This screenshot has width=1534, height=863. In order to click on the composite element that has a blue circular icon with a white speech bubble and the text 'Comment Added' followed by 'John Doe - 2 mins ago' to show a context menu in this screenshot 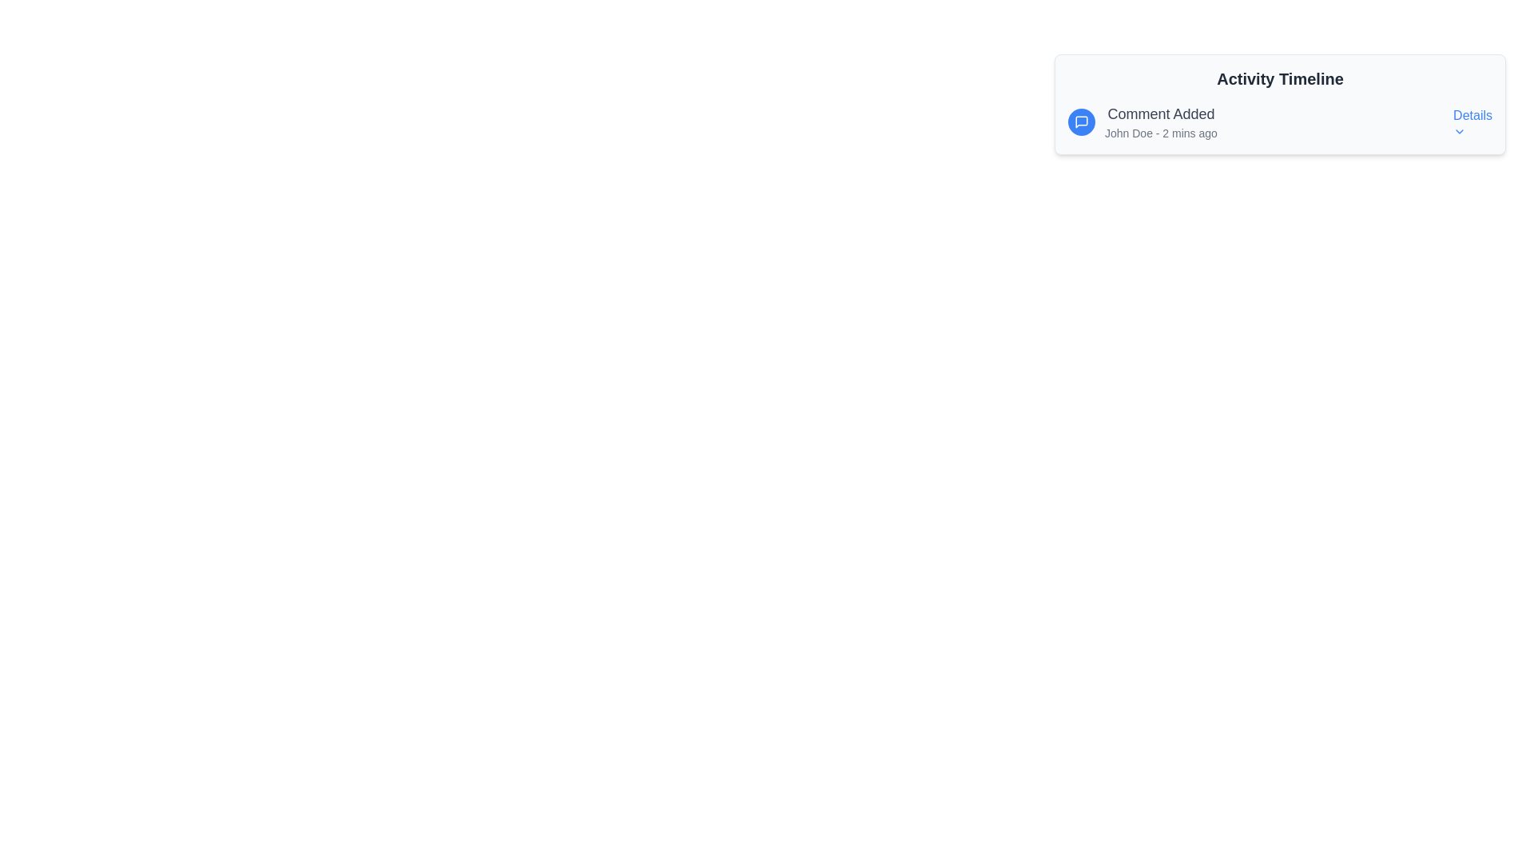, I will do `click(1142, 121)`.